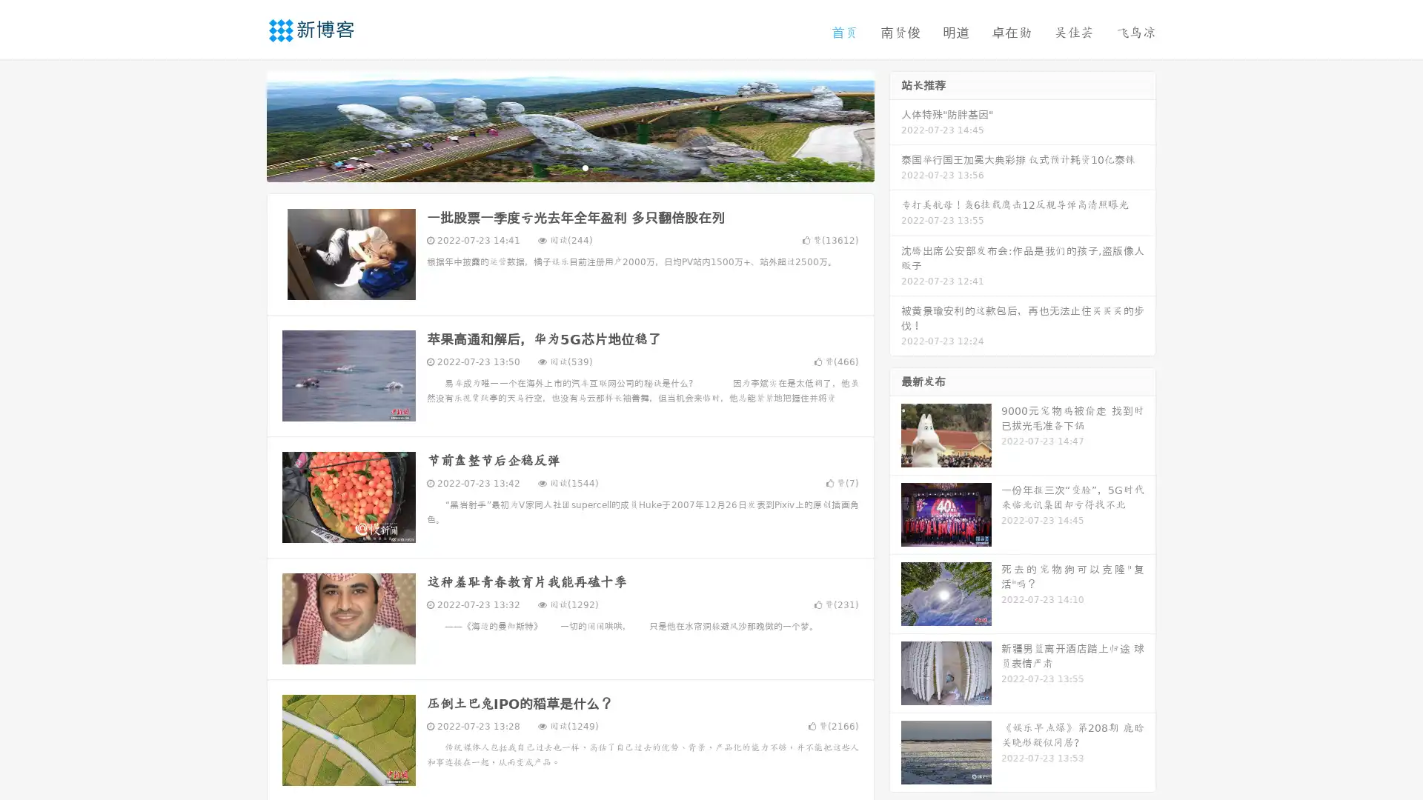 This screenshot has width=1423, height=800. Describe the element at coordinates (585, 167) in the screenshot. I see `Go to slide 3` at that location.